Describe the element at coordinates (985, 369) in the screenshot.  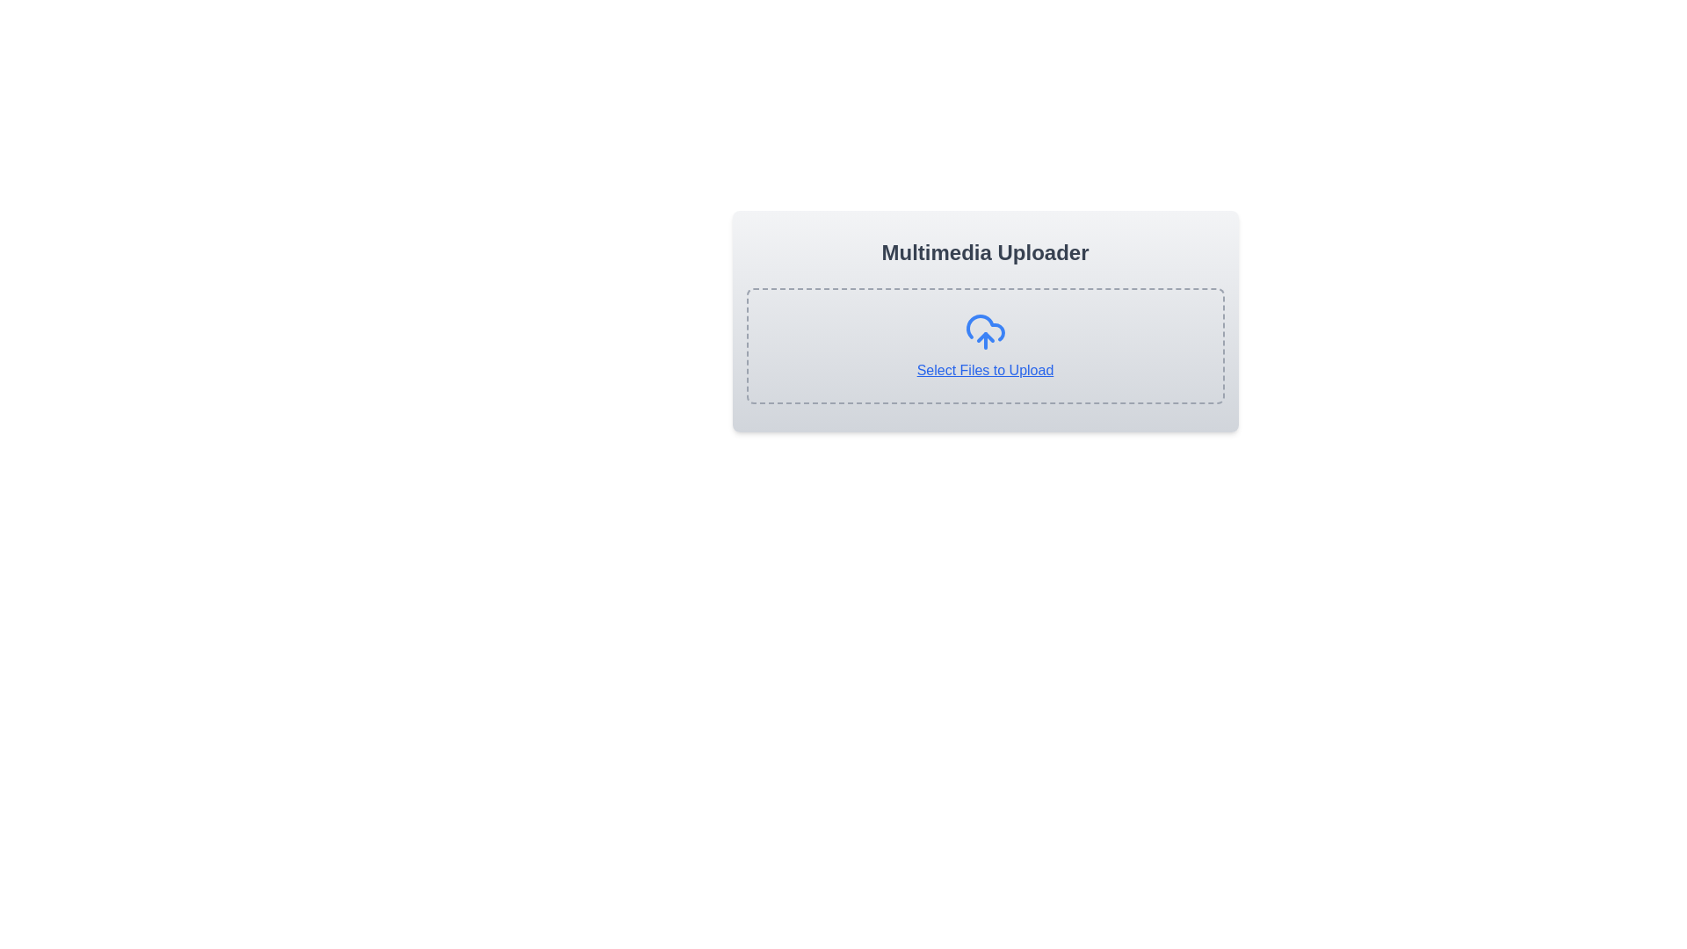
I see `the clickable link text at the center coordinates` at that location.